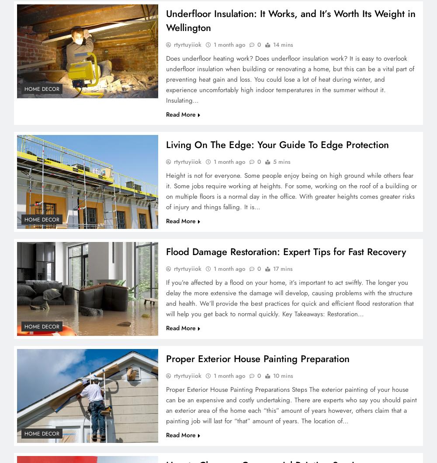 Image resolution: width=437 pixels, height=463 pixels. What do you see at coordinates (19, 16) in the screenshot?
I see `'You May Have Missed'` at bounding box center [19, 16].